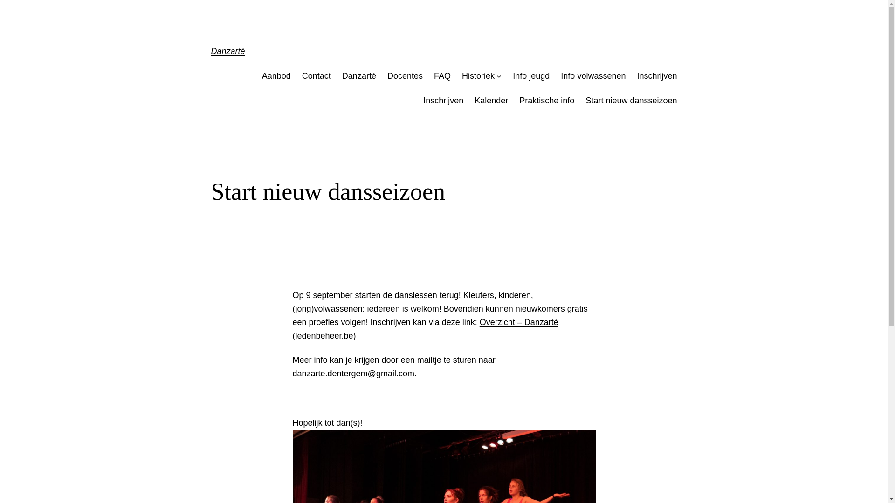 The image size is (895, 503). Describe the element at coordinates (478, 75) in the screenshot. I see `'Historiek'` at that location.